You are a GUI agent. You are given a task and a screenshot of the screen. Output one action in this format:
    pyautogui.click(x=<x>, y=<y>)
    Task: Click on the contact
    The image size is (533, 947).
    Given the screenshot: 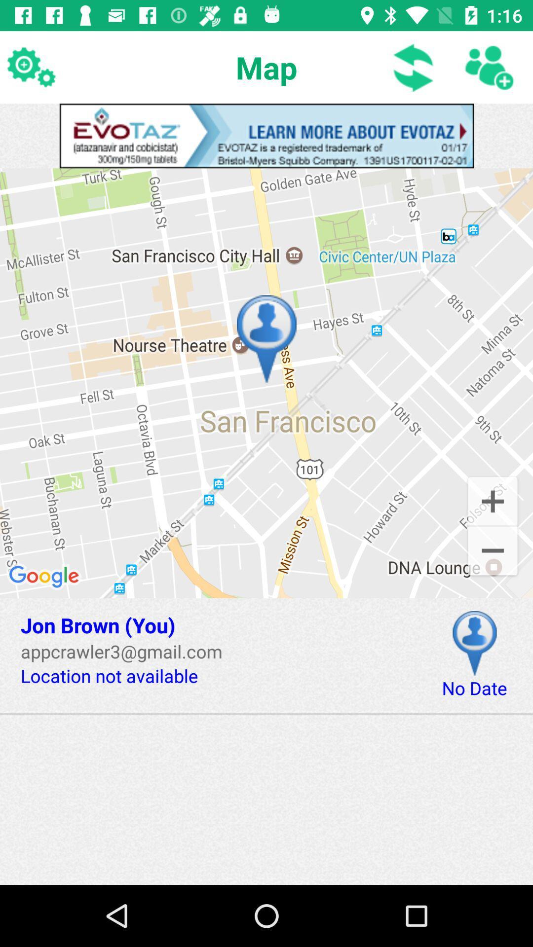 What is the action you would take?
    pyautogui.click(x=489, y=67)
    